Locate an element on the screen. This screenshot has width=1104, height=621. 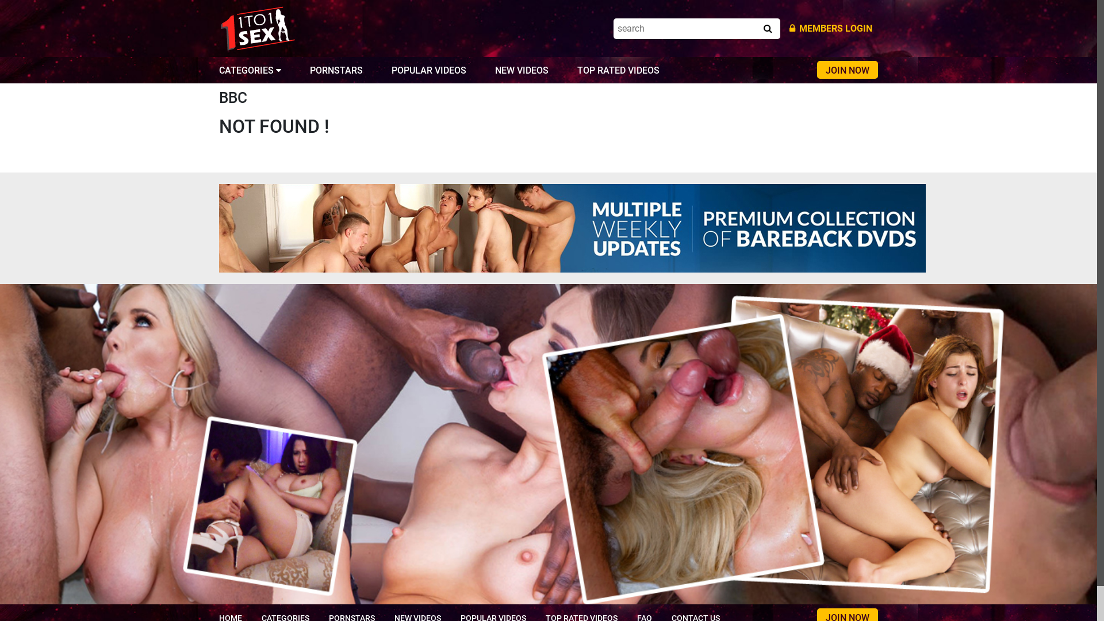
'CATEGORIES' is located at coordinates (250, 70).